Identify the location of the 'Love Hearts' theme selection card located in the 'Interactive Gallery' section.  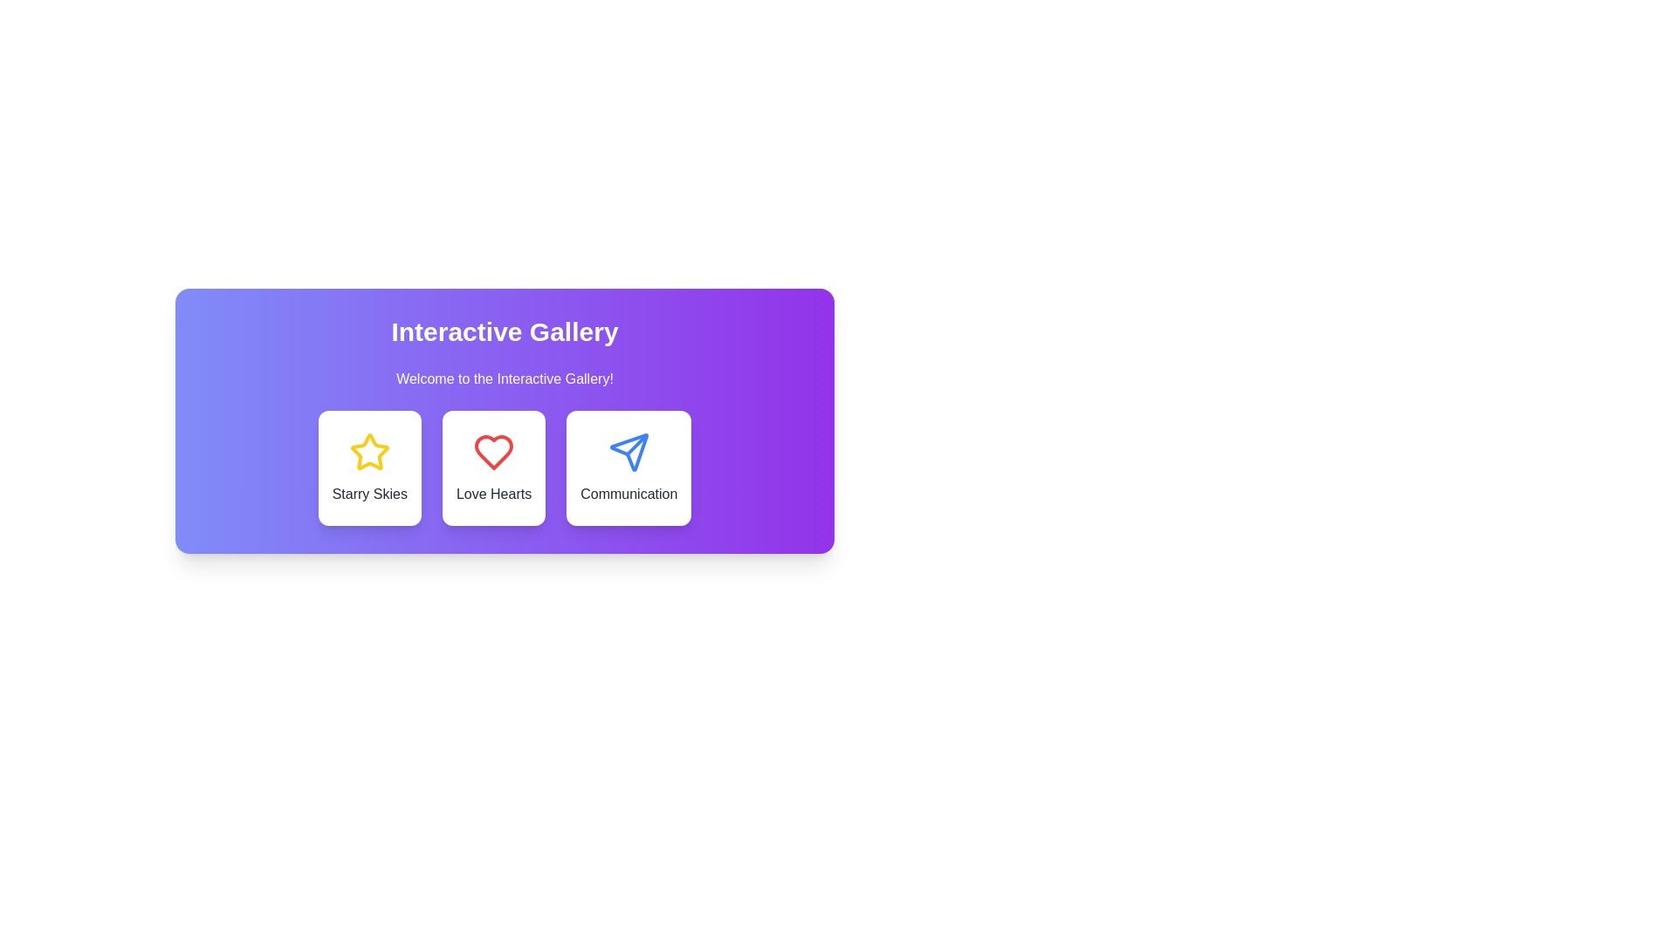
(504, 467).